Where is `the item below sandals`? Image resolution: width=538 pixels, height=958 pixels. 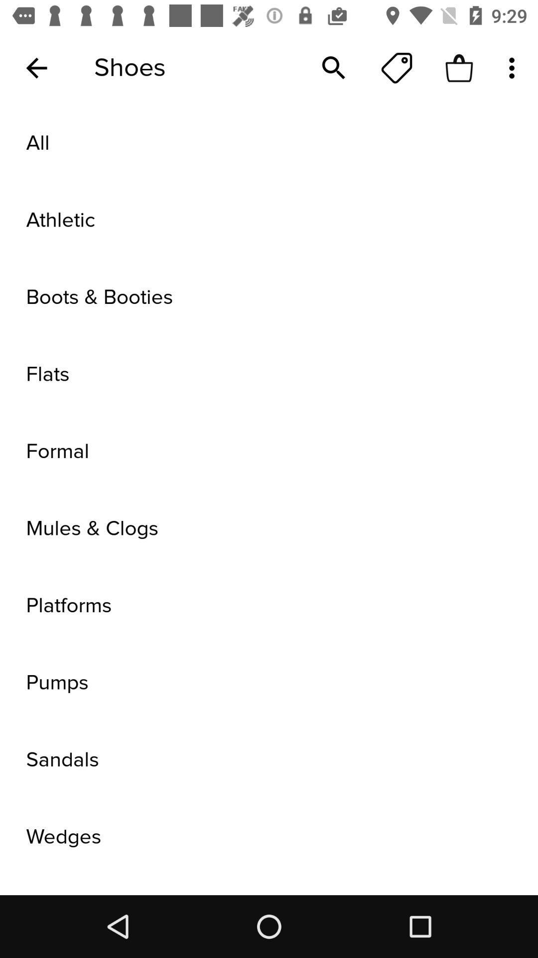 the item below sandals is located at coordinates (269, 837).